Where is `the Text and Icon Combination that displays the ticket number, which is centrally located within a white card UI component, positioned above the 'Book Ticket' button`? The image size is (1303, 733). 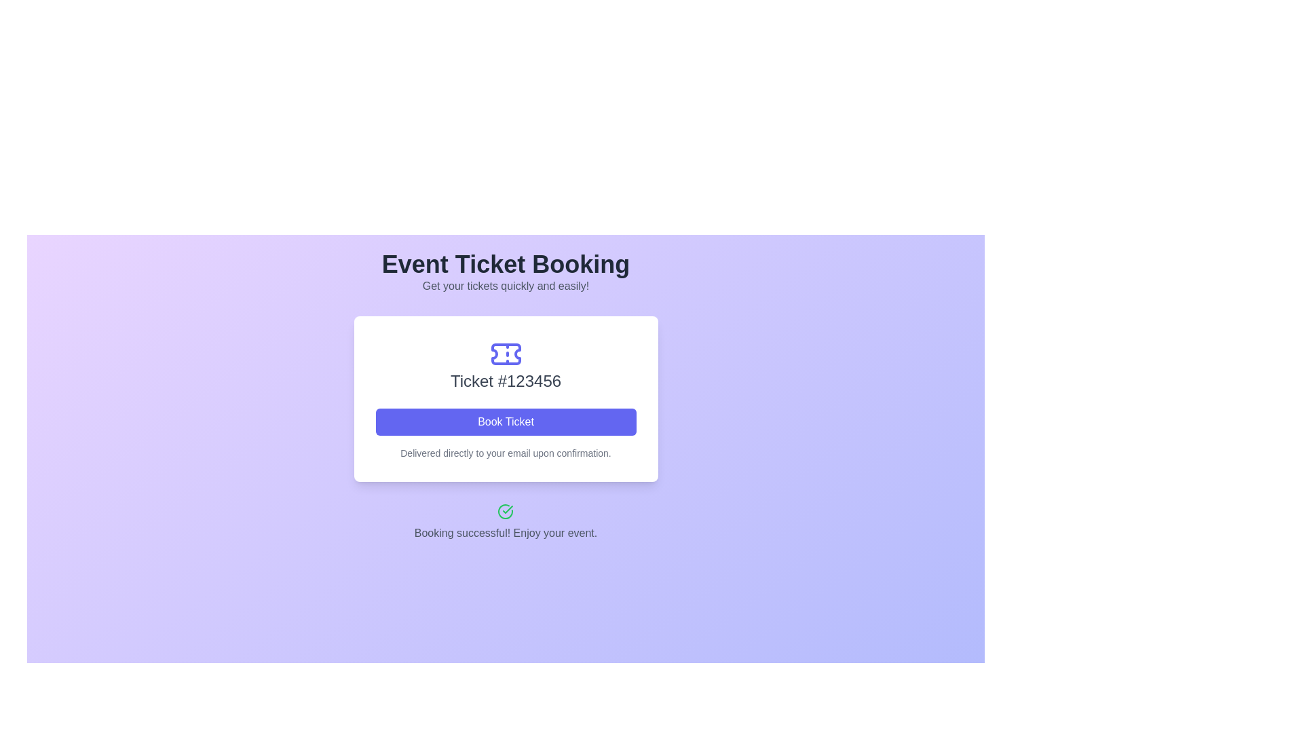 the Text and Icon Combination that displays the ticket number, which is centrally located within a white card UI component, positioned above the 'Book Ticket' button is located at coordinates (505, 364).